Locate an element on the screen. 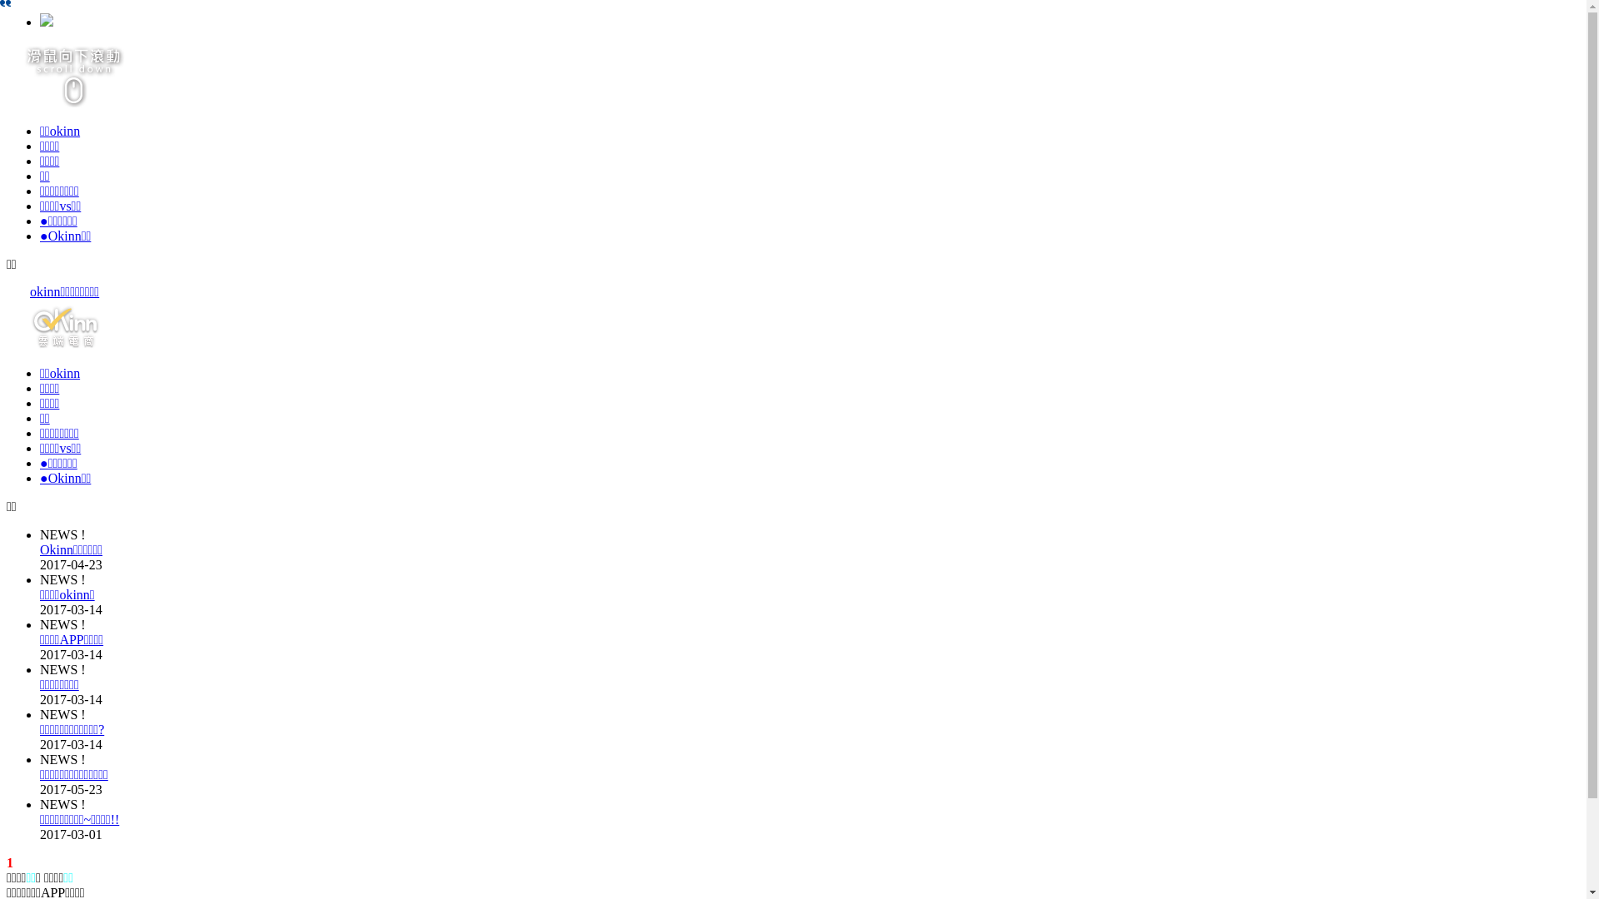 This screenshot has height=899, width=1599. '1' is located at coordinates (10, 862).